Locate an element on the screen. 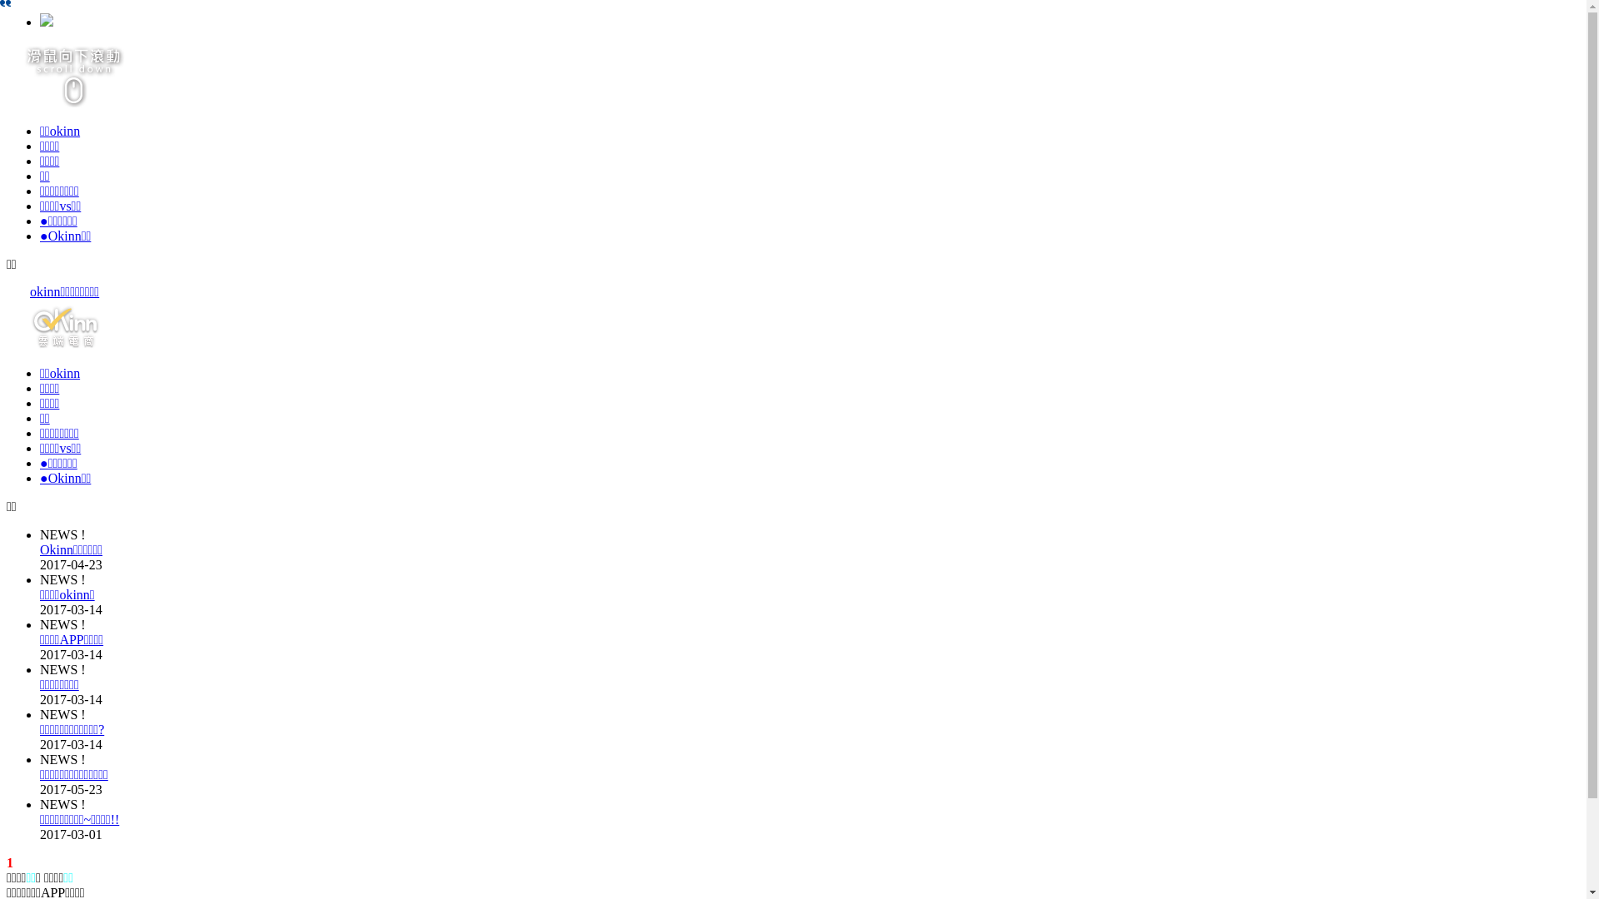 This screenshot has height=899, width=1599. '1' is located at coordinates (10, 862).